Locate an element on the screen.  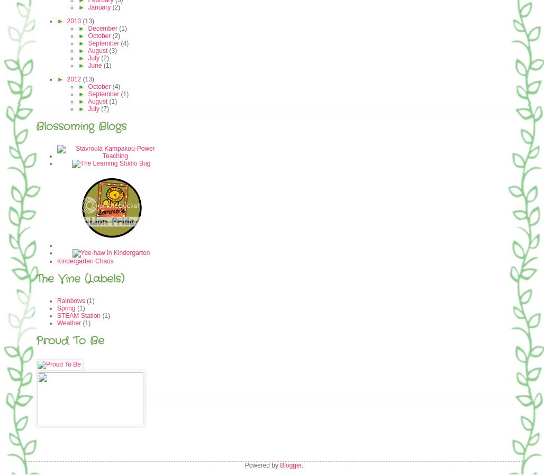
'2013' is located at coordinates (66, 20).